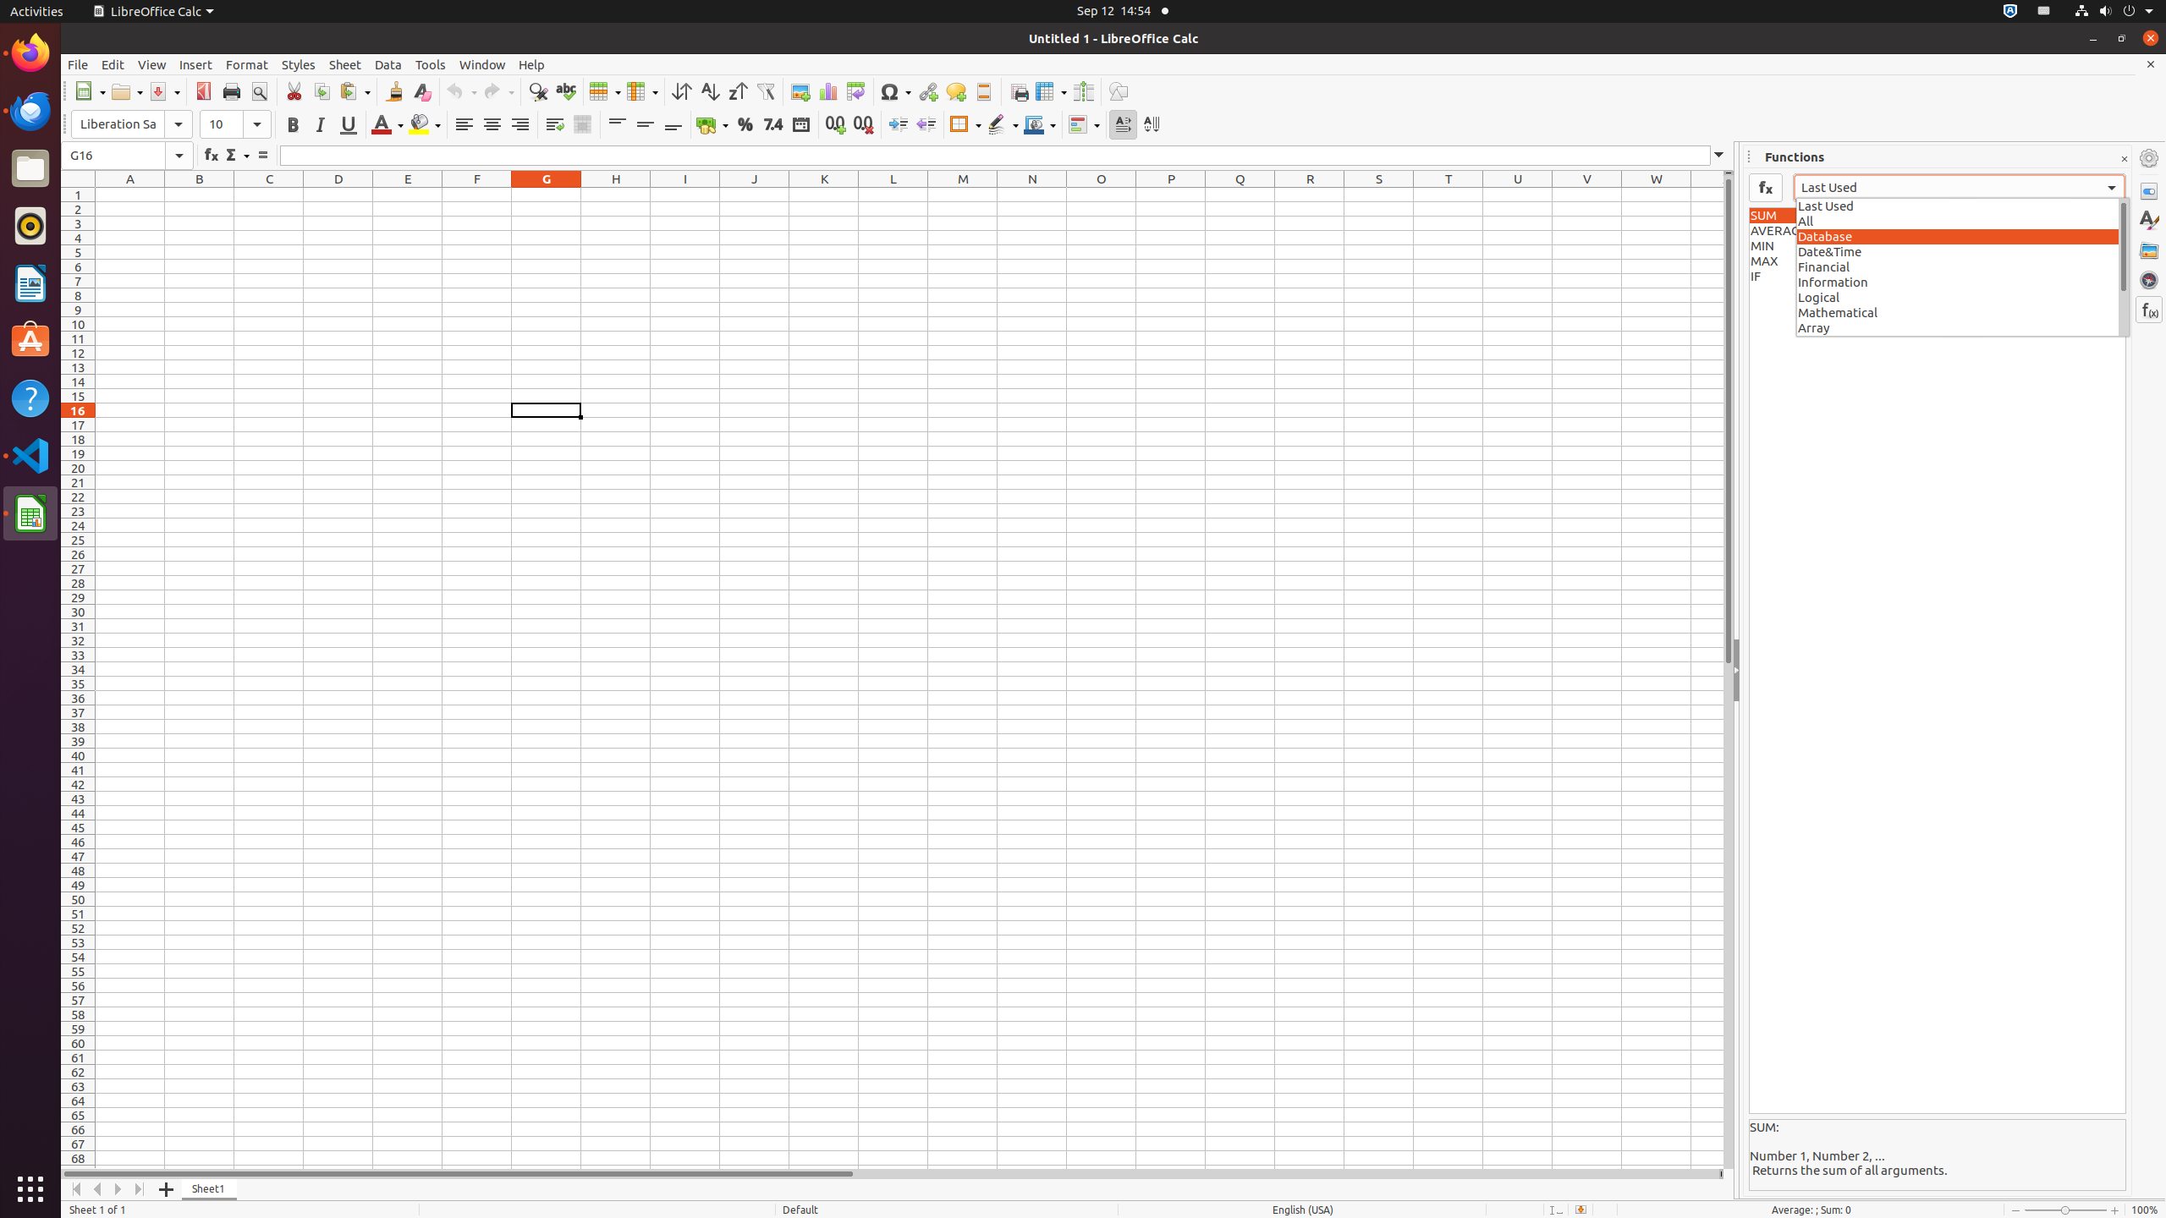 The height and width of the screenshot is (1218, 2166). What do you see at coordinates (684, 194) in the screenshot?
I see `'I1'` at bounding box center [684, 194].